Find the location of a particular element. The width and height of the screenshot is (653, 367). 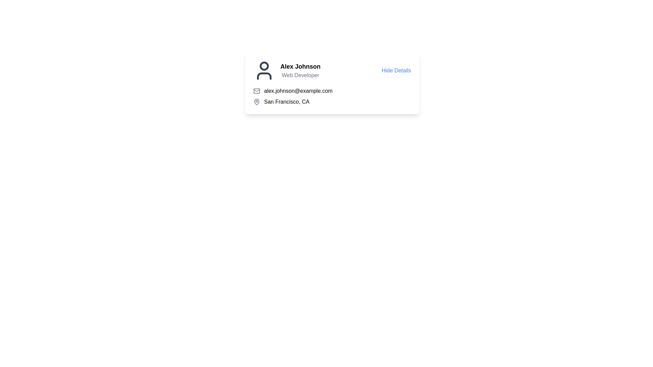

the user profile icon SVG graphic, which is dark gray and positioned to the left of 'Alex Johnson Web Developer.' is located at coordinates (264, 71).